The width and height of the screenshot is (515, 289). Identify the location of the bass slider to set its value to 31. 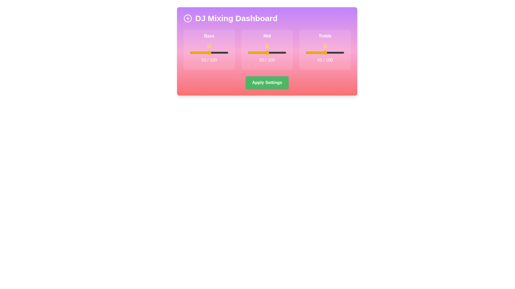
(201, 52).